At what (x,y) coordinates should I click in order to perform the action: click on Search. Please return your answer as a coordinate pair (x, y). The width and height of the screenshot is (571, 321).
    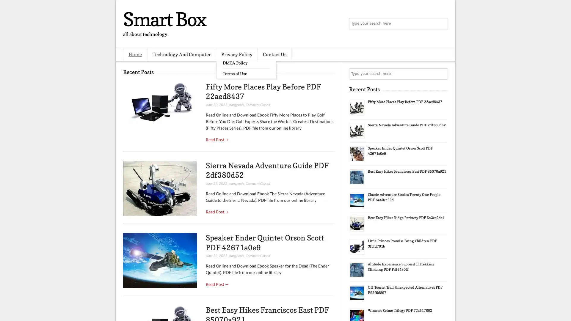
    Looking at the image, I should click on (442, 24).